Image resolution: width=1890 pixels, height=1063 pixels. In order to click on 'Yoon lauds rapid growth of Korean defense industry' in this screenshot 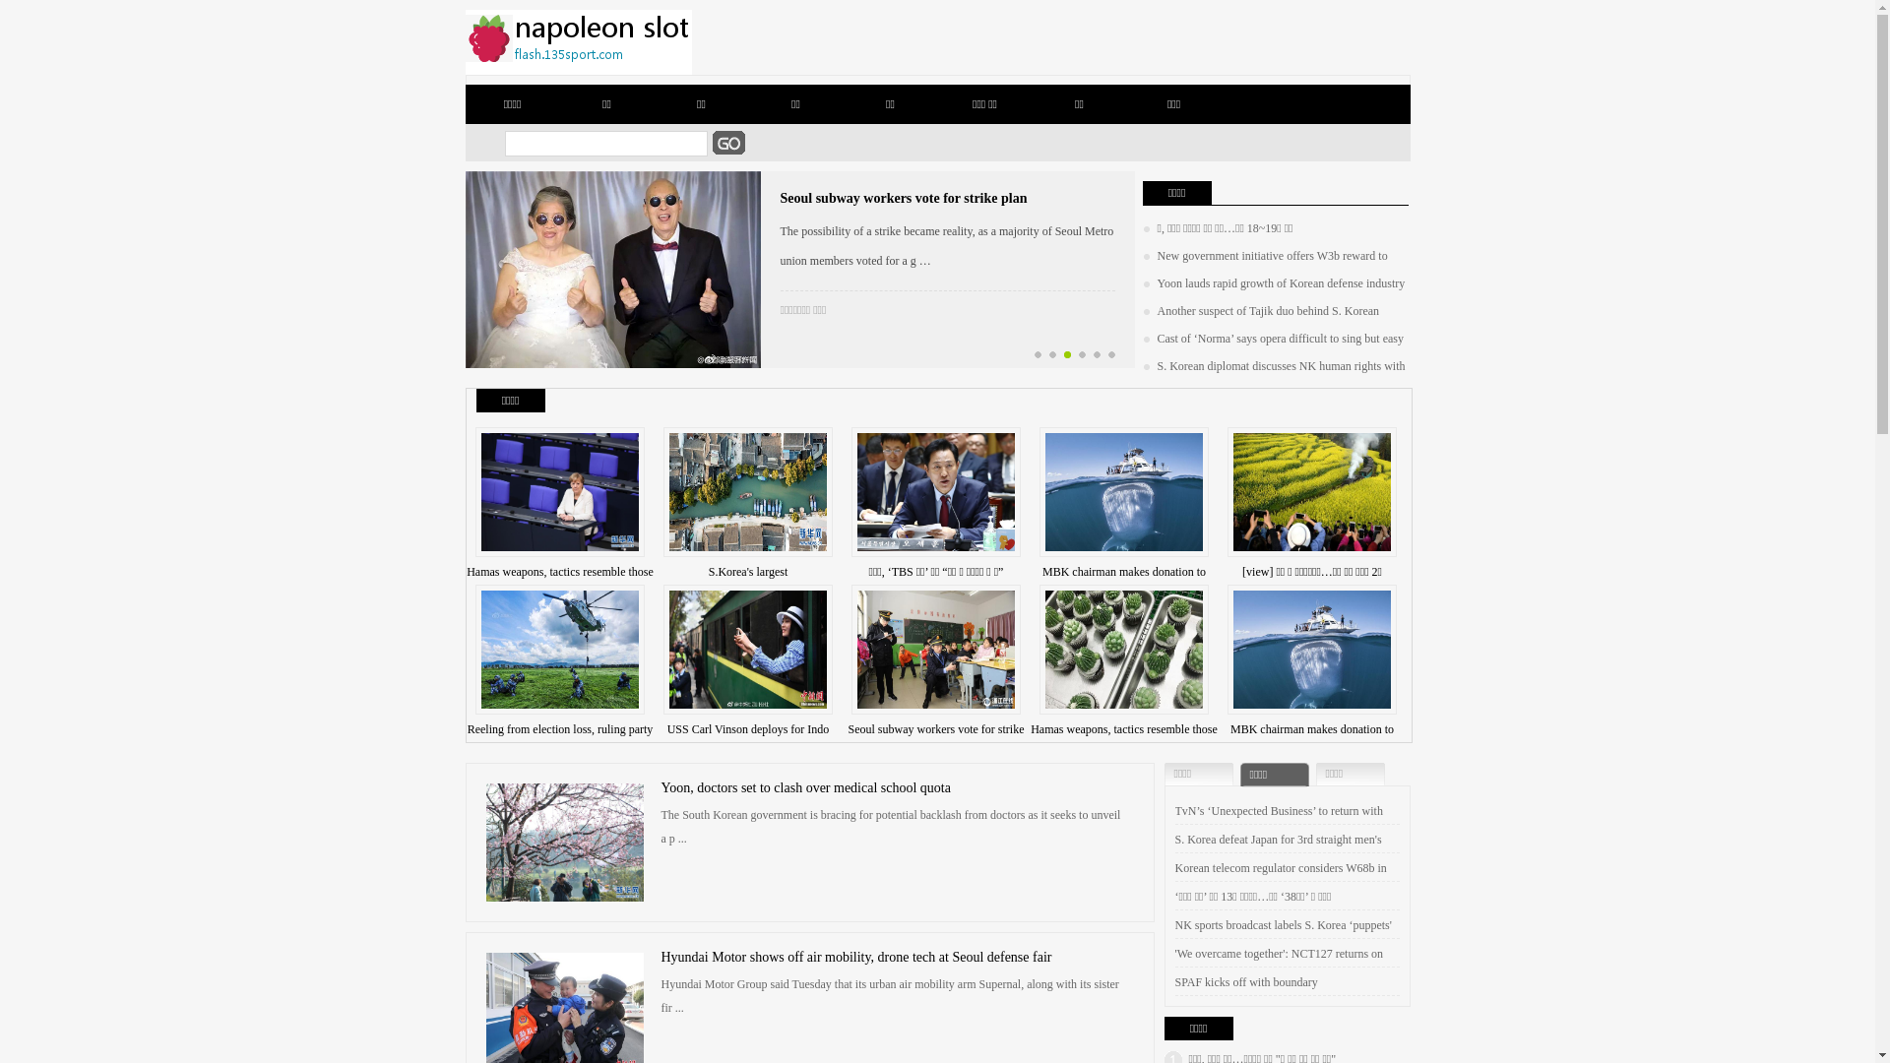, I will do `click(1273, 283)`.